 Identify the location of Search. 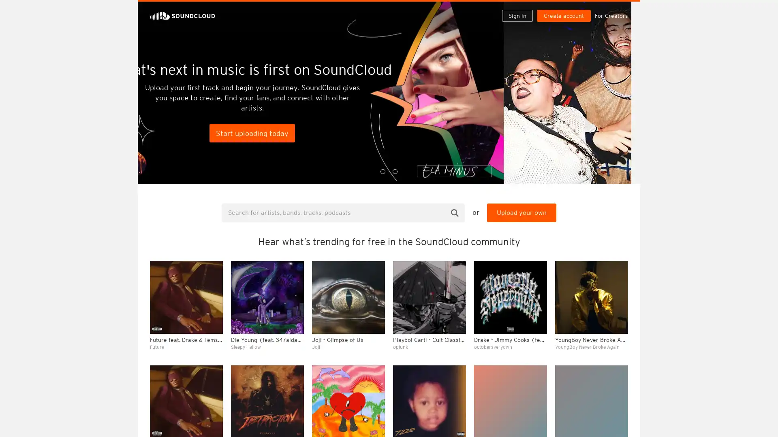
(491, 9).